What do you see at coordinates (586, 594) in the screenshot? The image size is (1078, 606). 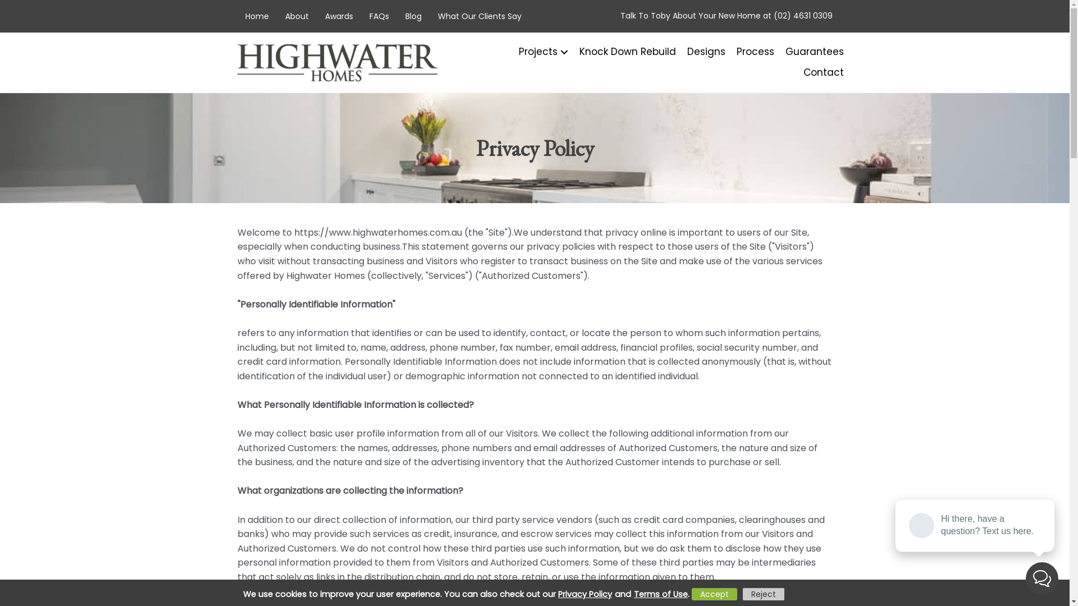 I see `'Privacy Policy'` at bounding box center [586, 594].